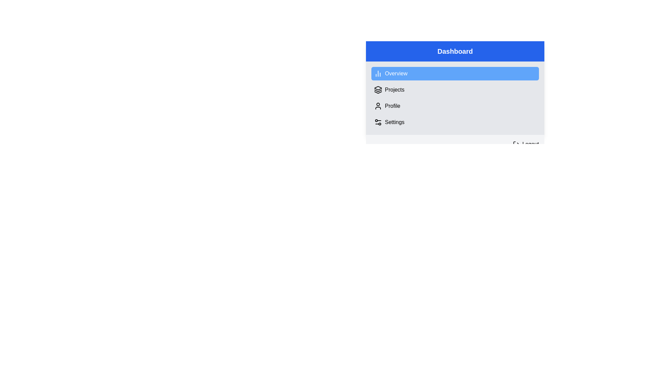  Describe the element at coordinates (378, 106) in the screenshot. I see `the 'Profile' icon located in the sidebar menu, which visually represents the 'Profile' section and is positioned to the left of the text label 'Profile'` at that location.